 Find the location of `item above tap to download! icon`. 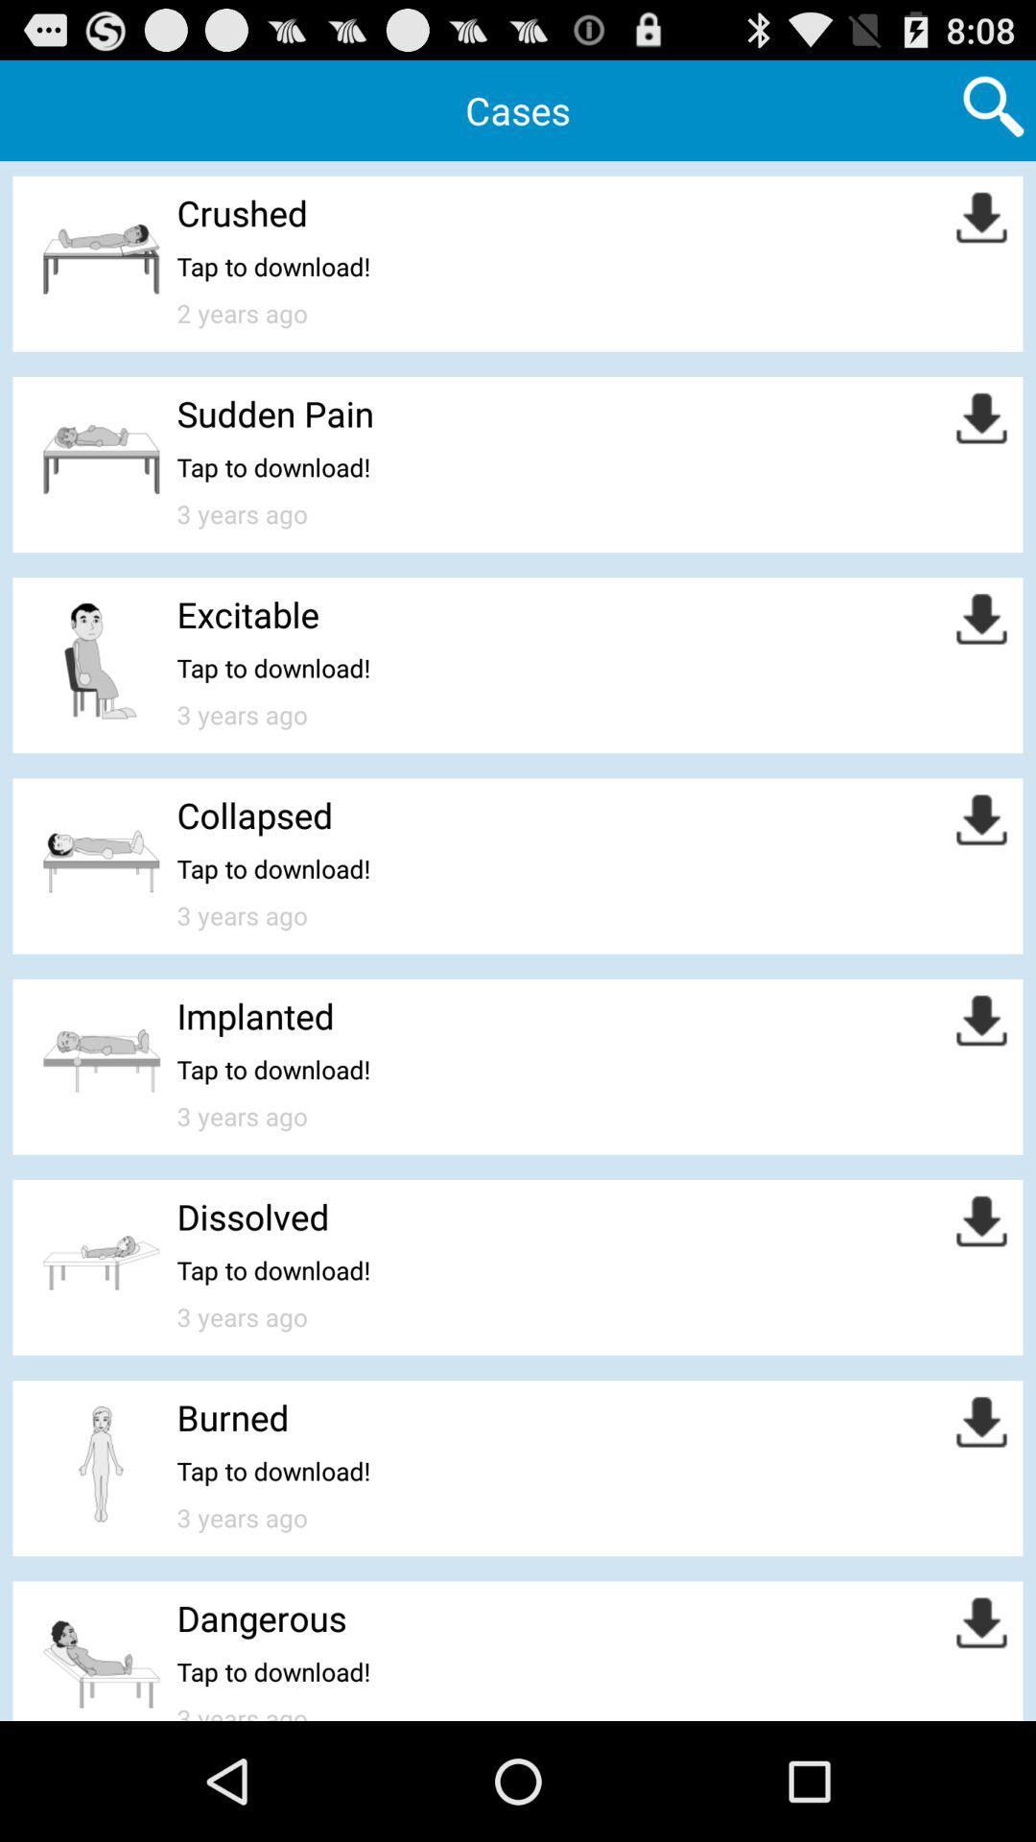

item above tap to download! icon is located at coordinates (241, 212).